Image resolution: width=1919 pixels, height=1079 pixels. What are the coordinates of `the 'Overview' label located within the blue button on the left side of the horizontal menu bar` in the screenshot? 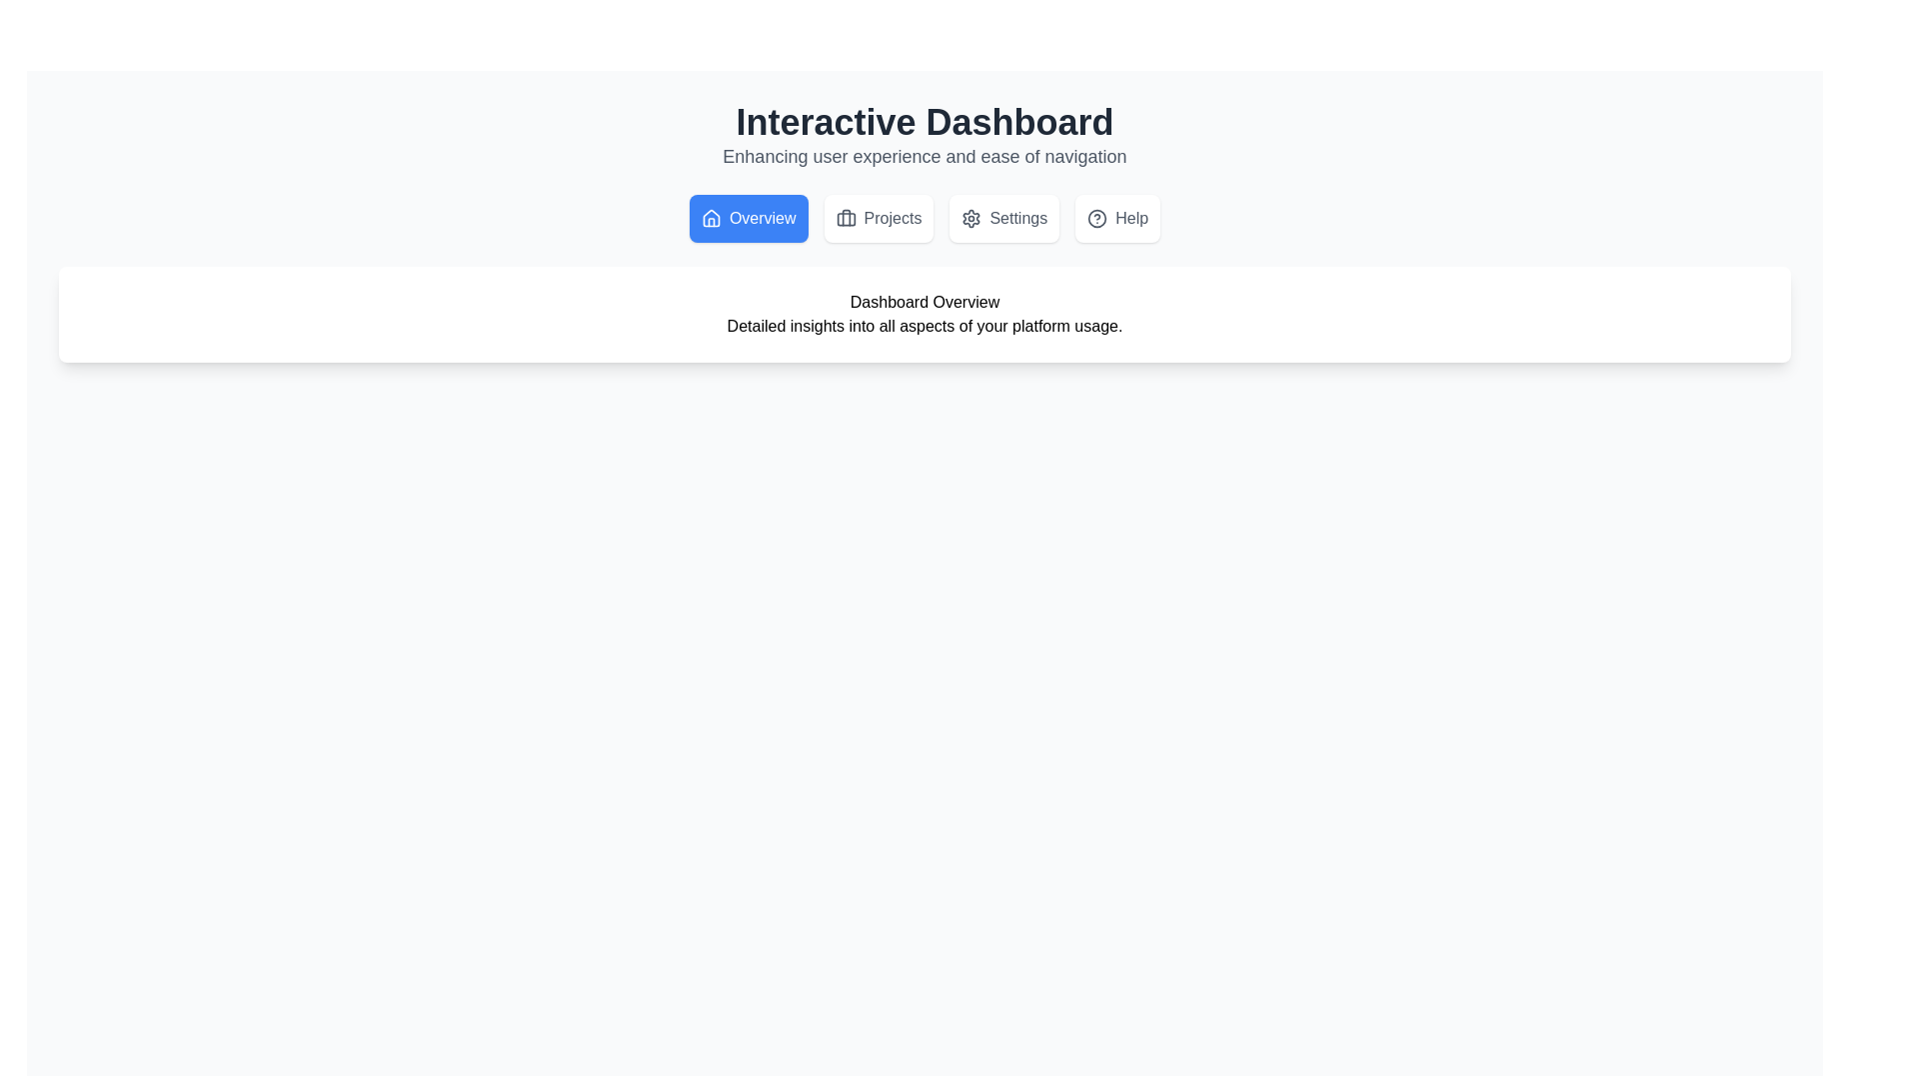 It's located at (762, 219).